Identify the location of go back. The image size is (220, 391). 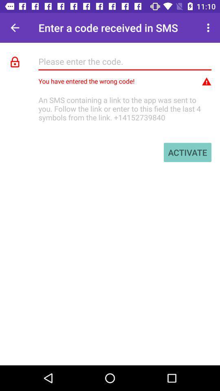
(15, 28).